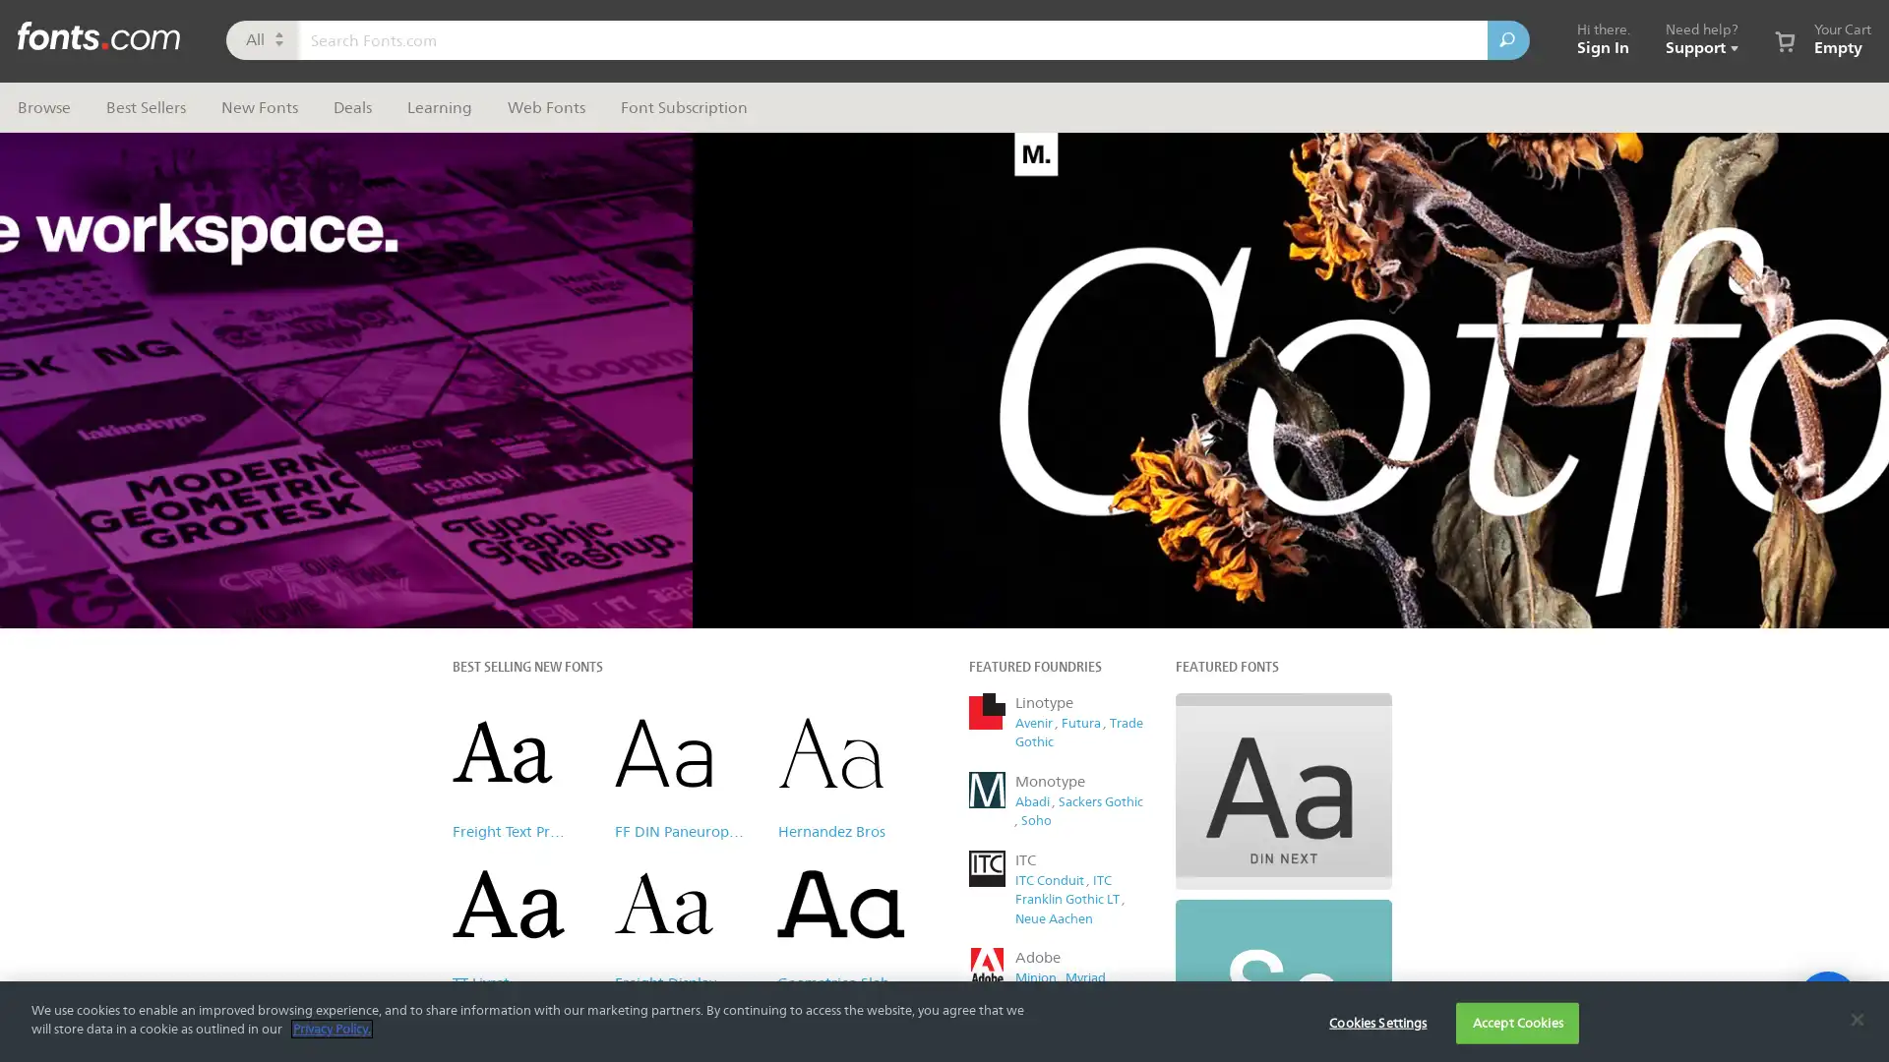 The image size is (1889, 1062). What do you see at coordinates (1313, 142) in the screenshot?
I see `Close` at bounding box center [1313, 142].